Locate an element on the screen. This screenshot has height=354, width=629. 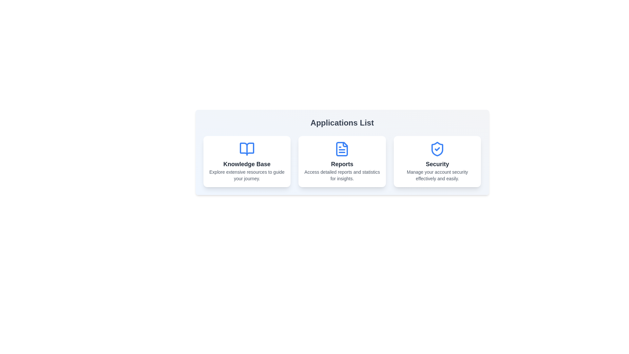
the card titled Knowledge Base to observe the hover effect is located at coordinates (246, 162).